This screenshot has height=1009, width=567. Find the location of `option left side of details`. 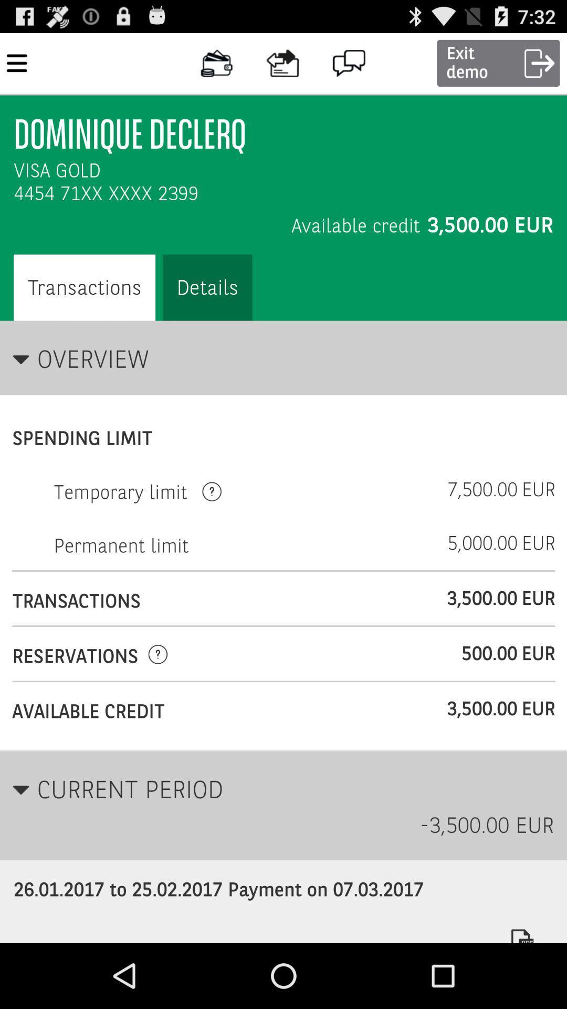

option left side of details is located at coordinates (84, 287).